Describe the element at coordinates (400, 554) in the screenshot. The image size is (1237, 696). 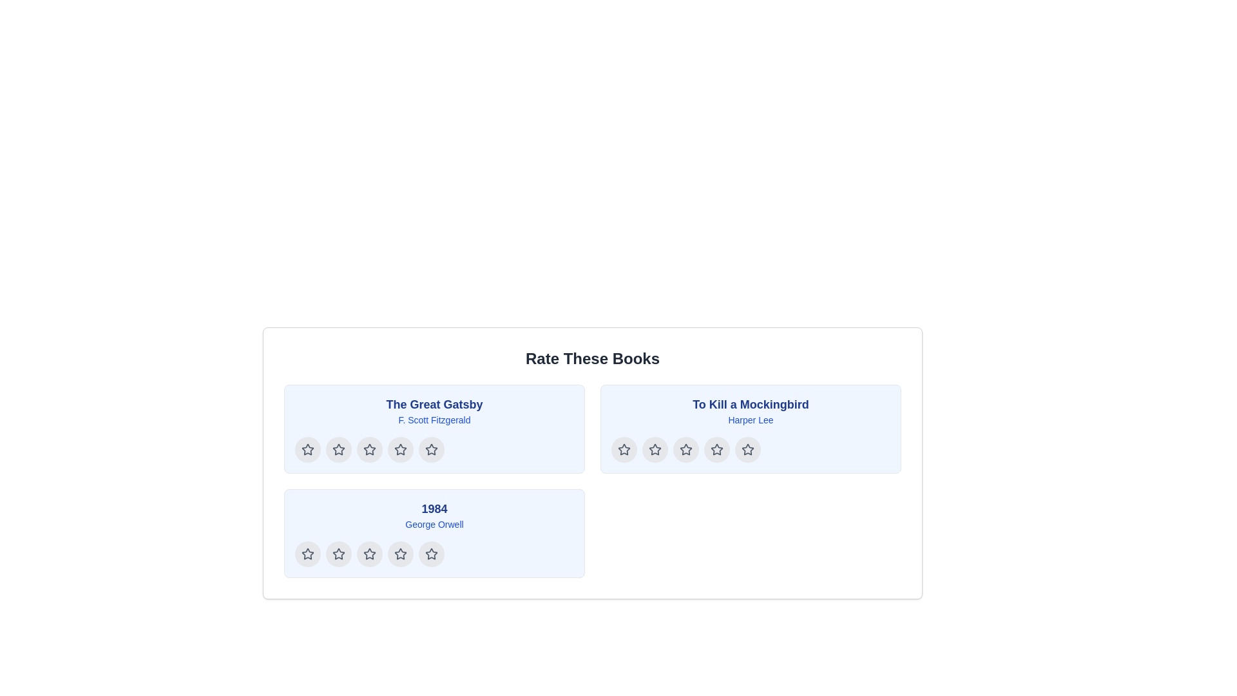
I see `the fourth star in the rating system for the book '1984' by George Orwell, located near the bottom-center of the interface` at that location.